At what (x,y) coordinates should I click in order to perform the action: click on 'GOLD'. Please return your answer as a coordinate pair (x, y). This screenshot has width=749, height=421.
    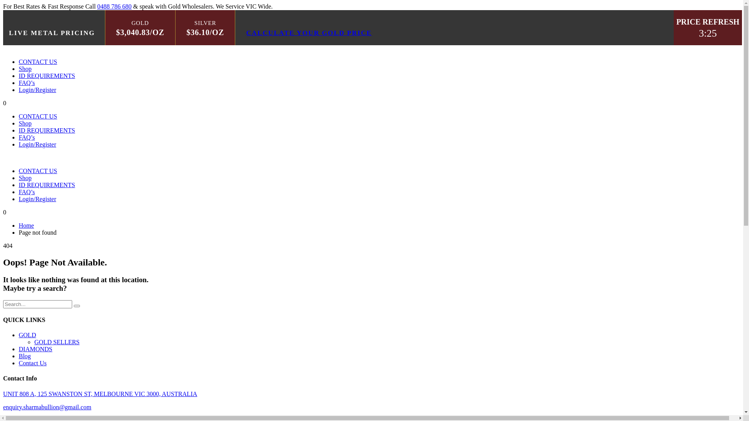
    Looking at the image, I should click on (27, 334).